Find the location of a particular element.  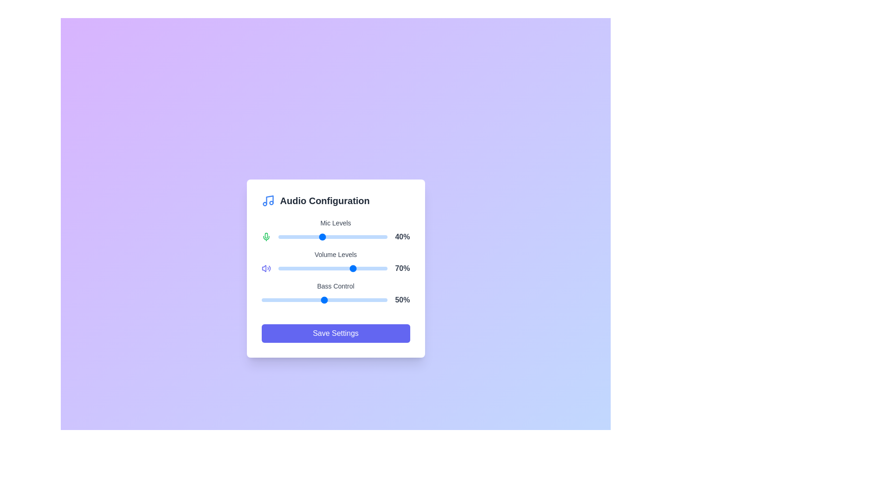

the icon representing Mic to reveal its tooltip is located at coordinates (265, 236).